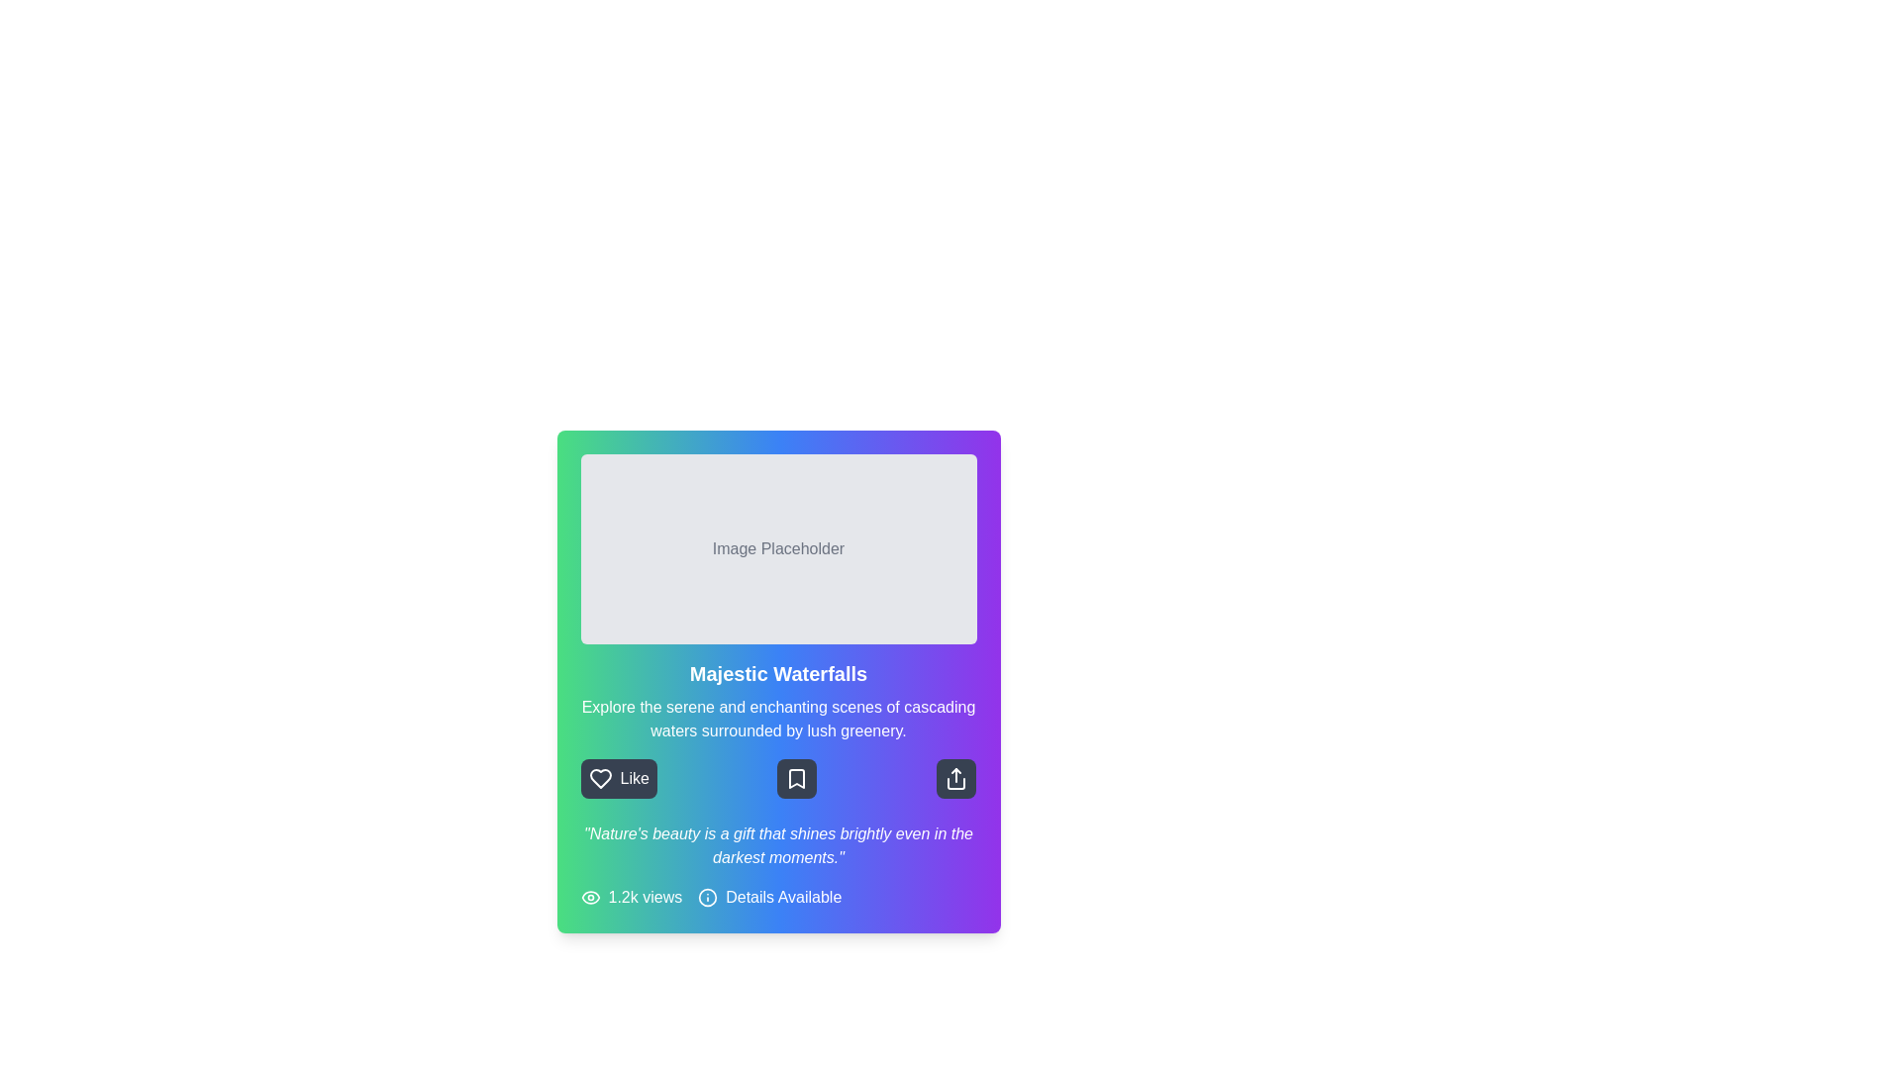 Image resolution: width=1901 pixels, height=1069 pixels. Describe the element at coordinates (797, 777) in the screenshot. I see `the button that allows the user to mark or bookmark content, located in the footer section as the second button from the left in a group of three interactive buttons` at that location.